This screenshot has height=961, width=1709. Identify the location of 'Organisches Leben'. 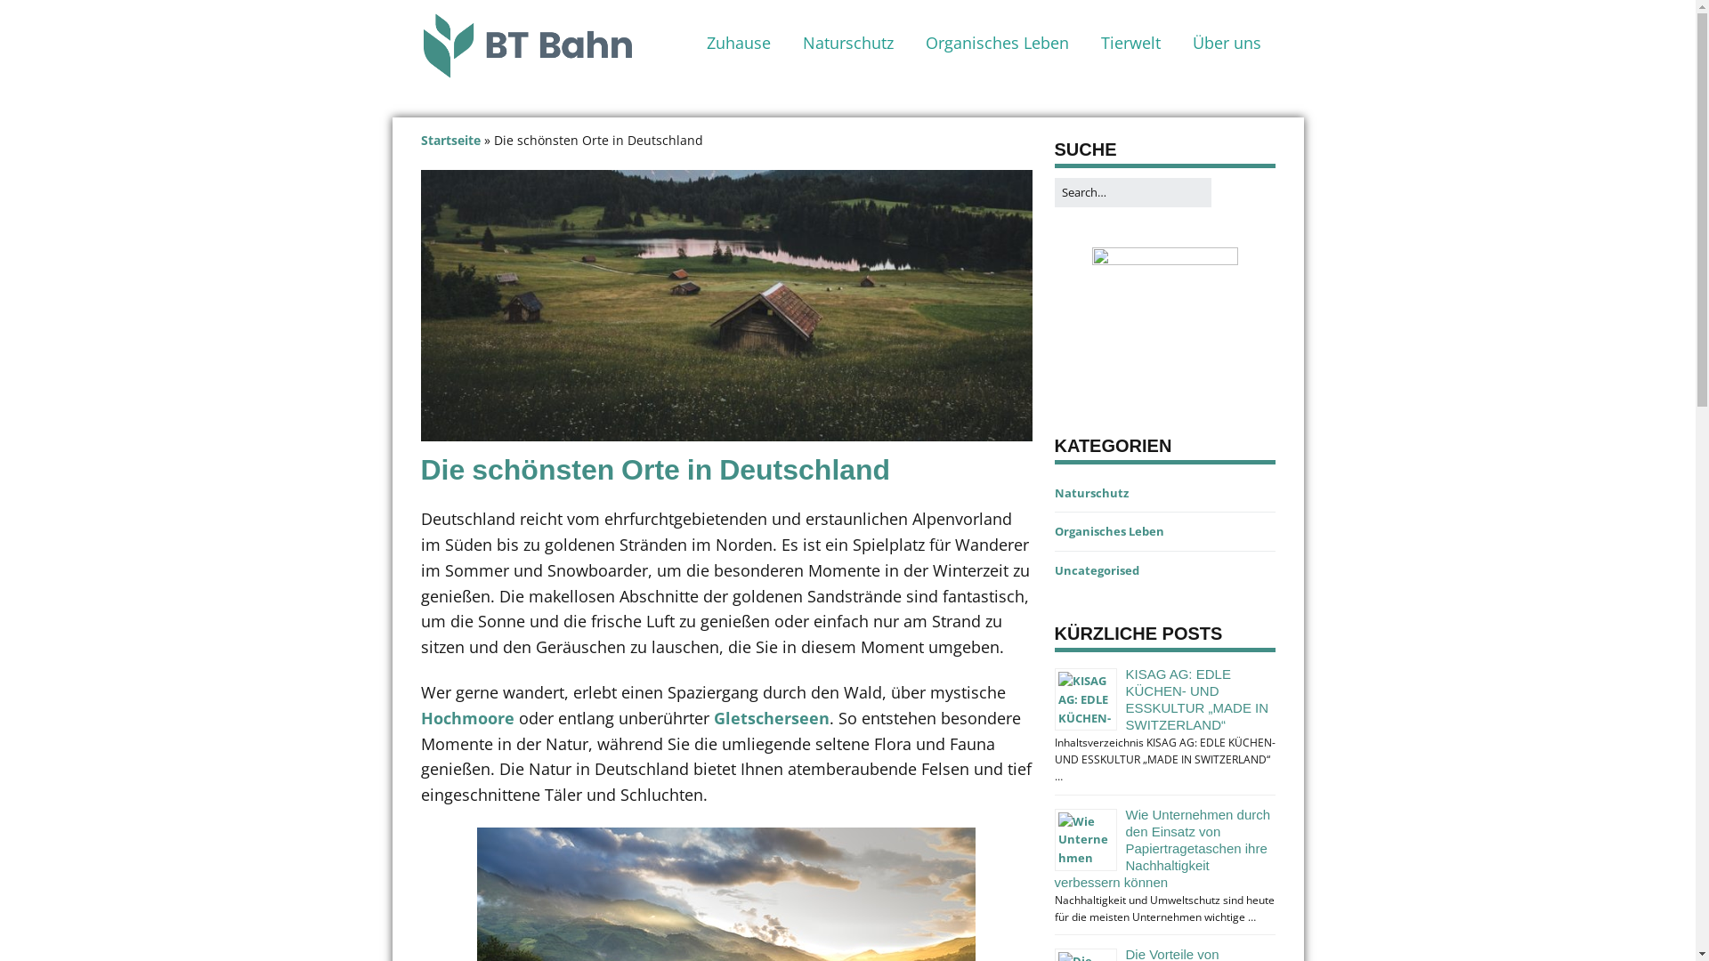
(1107, 530).